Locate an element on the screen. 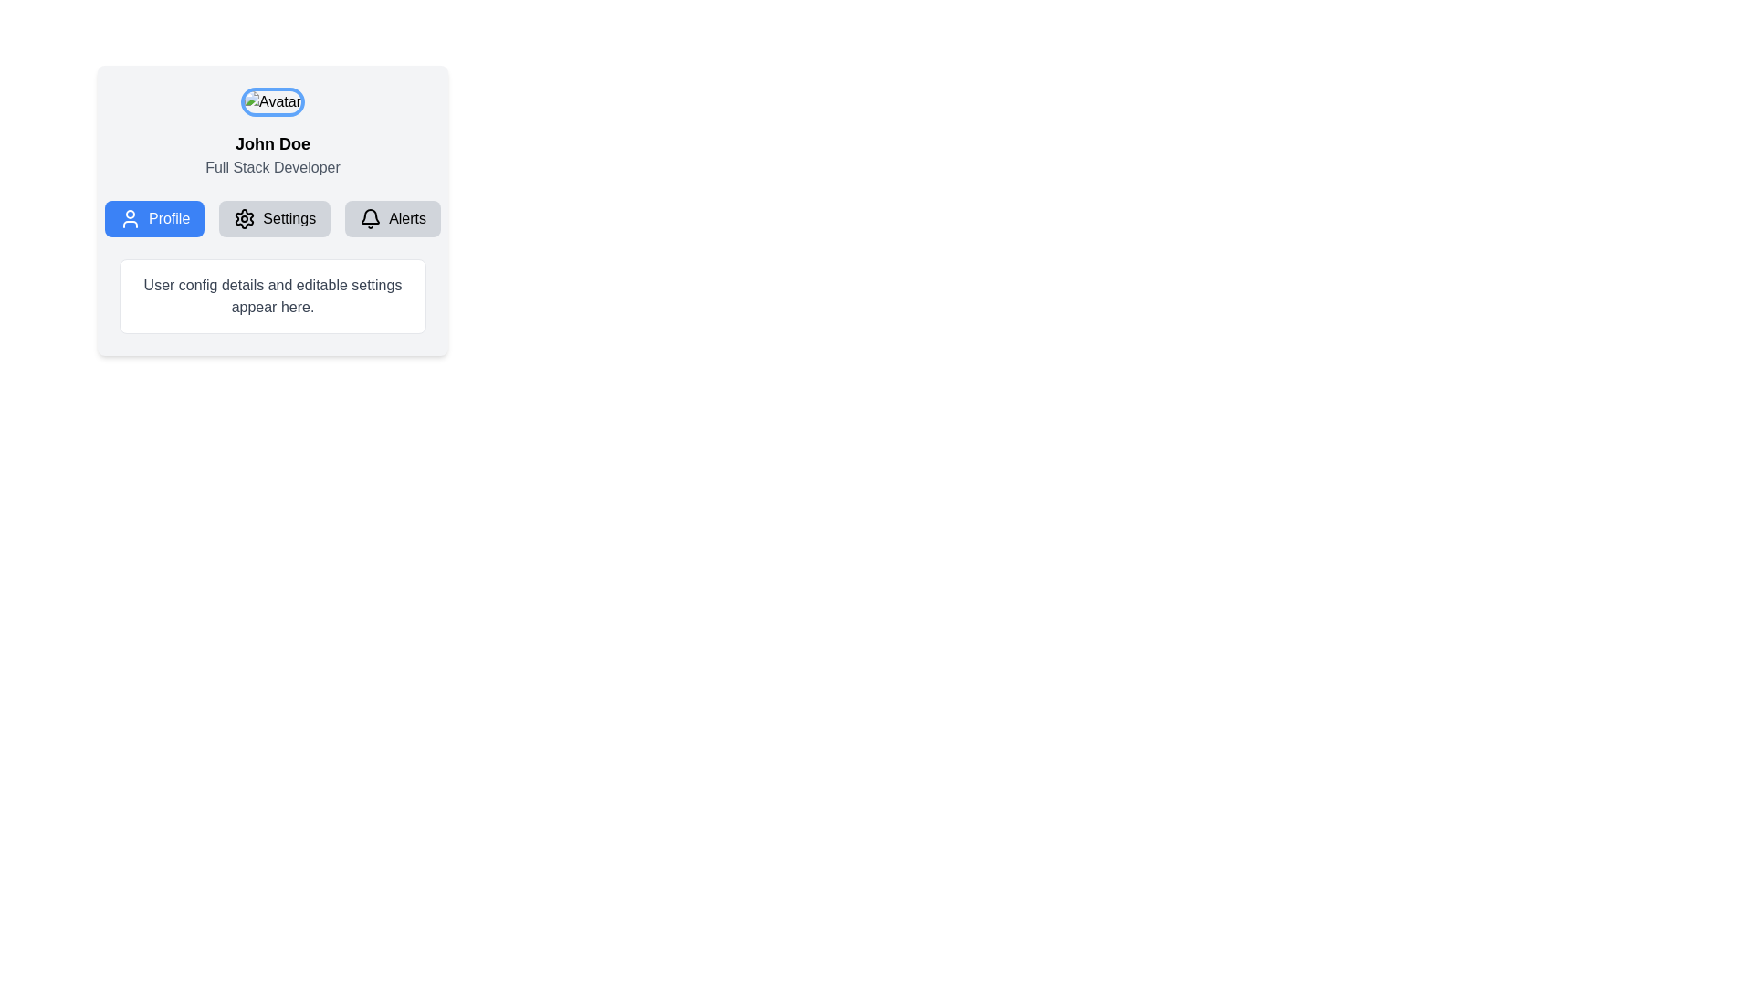 The width and height of the screenshot is (1753, 986). the clickable button which contains a text label and is positioned to the right of a user profile icon within a blue button group located in the left portion of the interface is located at coordinates (169, 217).